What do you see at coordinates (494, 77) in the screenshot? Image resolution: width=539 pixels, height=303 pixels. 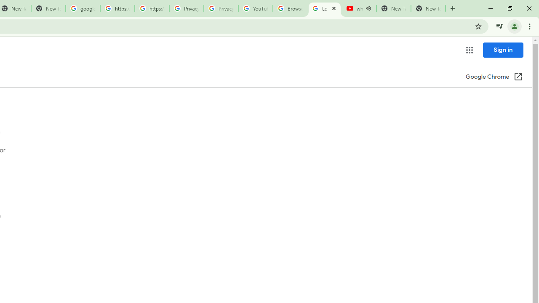 I see `'Google Chrome (Open in a new window)'` at bounding box center [494, 77].